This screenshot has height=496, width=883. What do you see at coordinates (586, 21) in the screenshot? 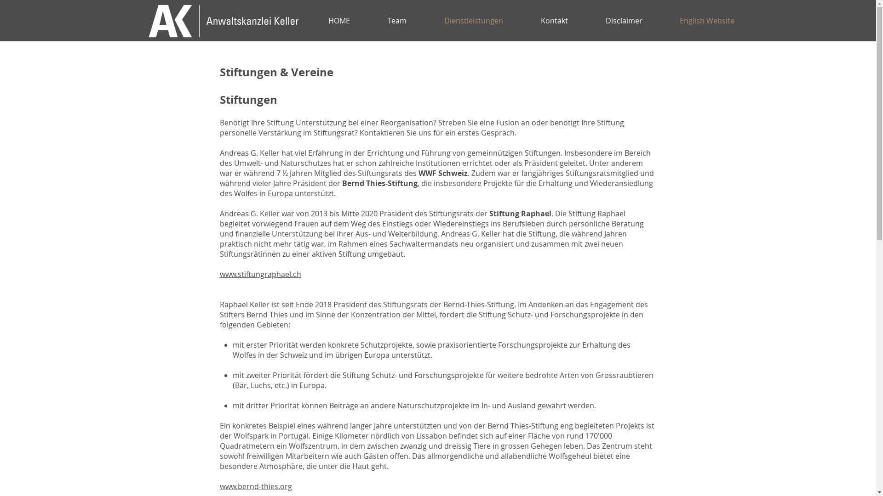
I see `'Disclaimer'` at bounding box center [586, 21].